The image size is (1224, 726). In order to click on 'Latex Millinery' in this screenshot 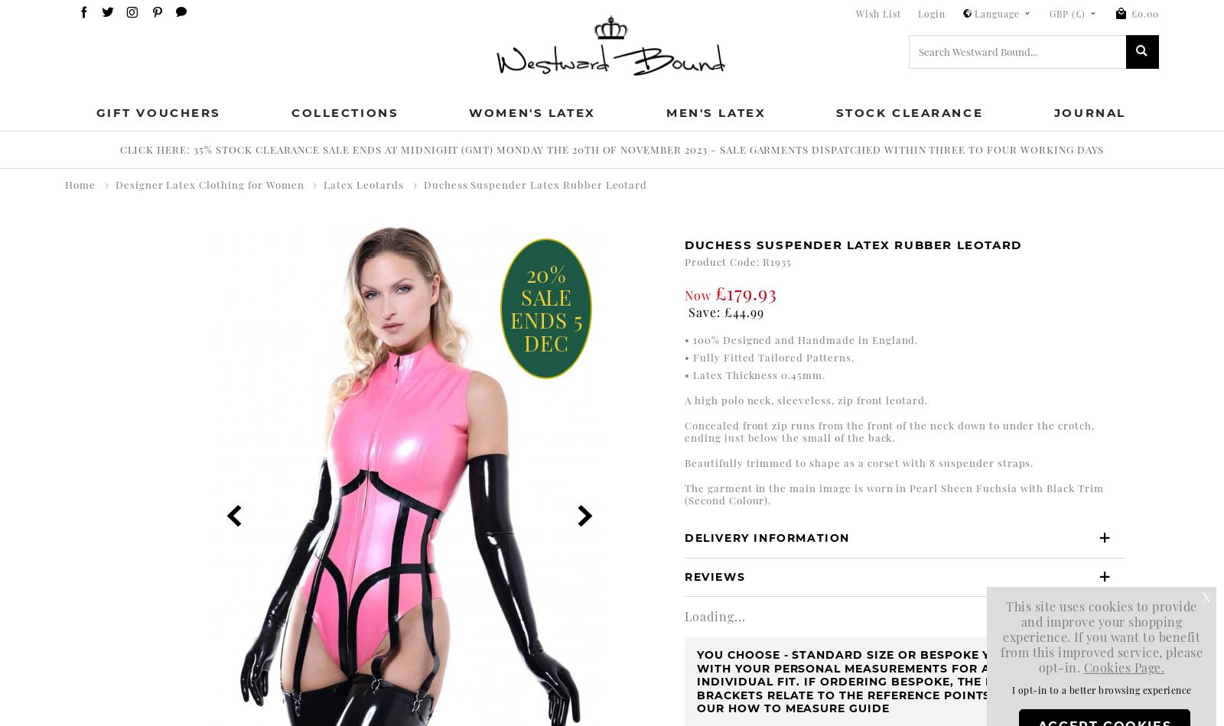, I will do `click(190, 322)`.